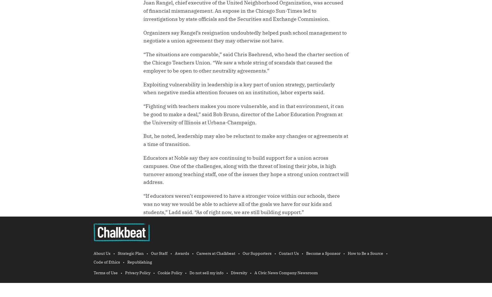 The image size is (492, 297). What do you see at coordinates (288, 253) in the screenshot?
I see `'Contact Us'` at bounding box center [288, 253].